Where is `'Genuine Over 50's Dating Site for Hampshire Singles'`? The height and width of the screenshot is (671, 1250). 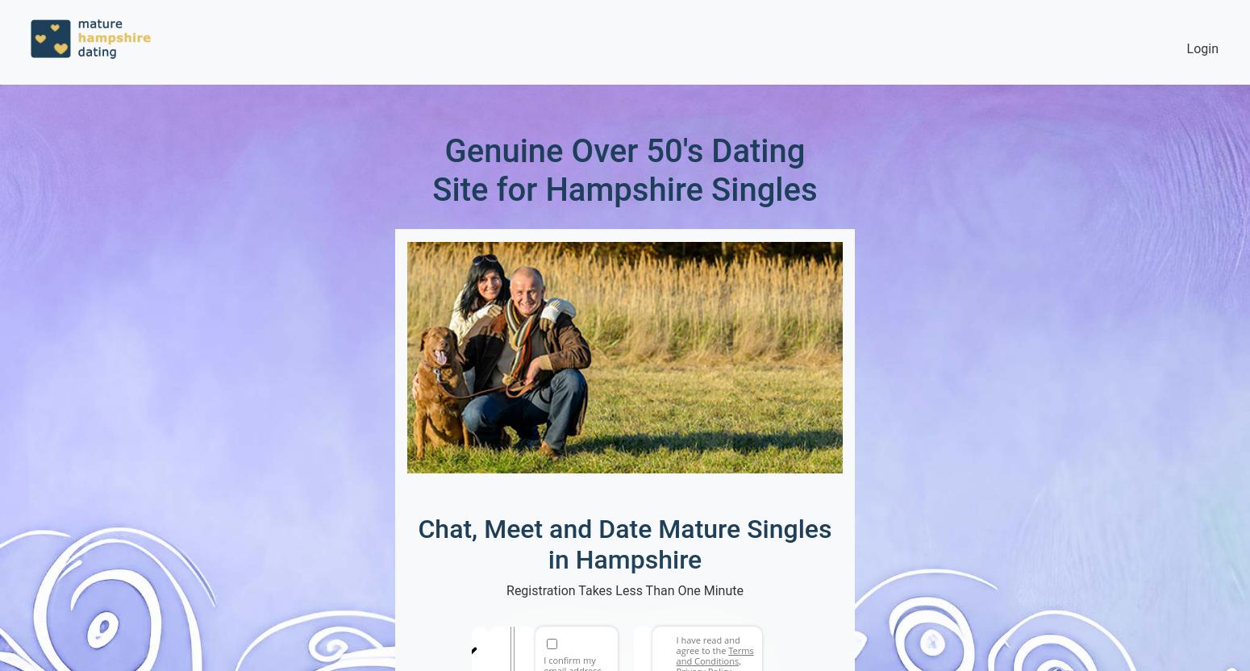
'Genuine Over 50's Dating Site for Hampshire Singles' is located at coordinates (431, 170).